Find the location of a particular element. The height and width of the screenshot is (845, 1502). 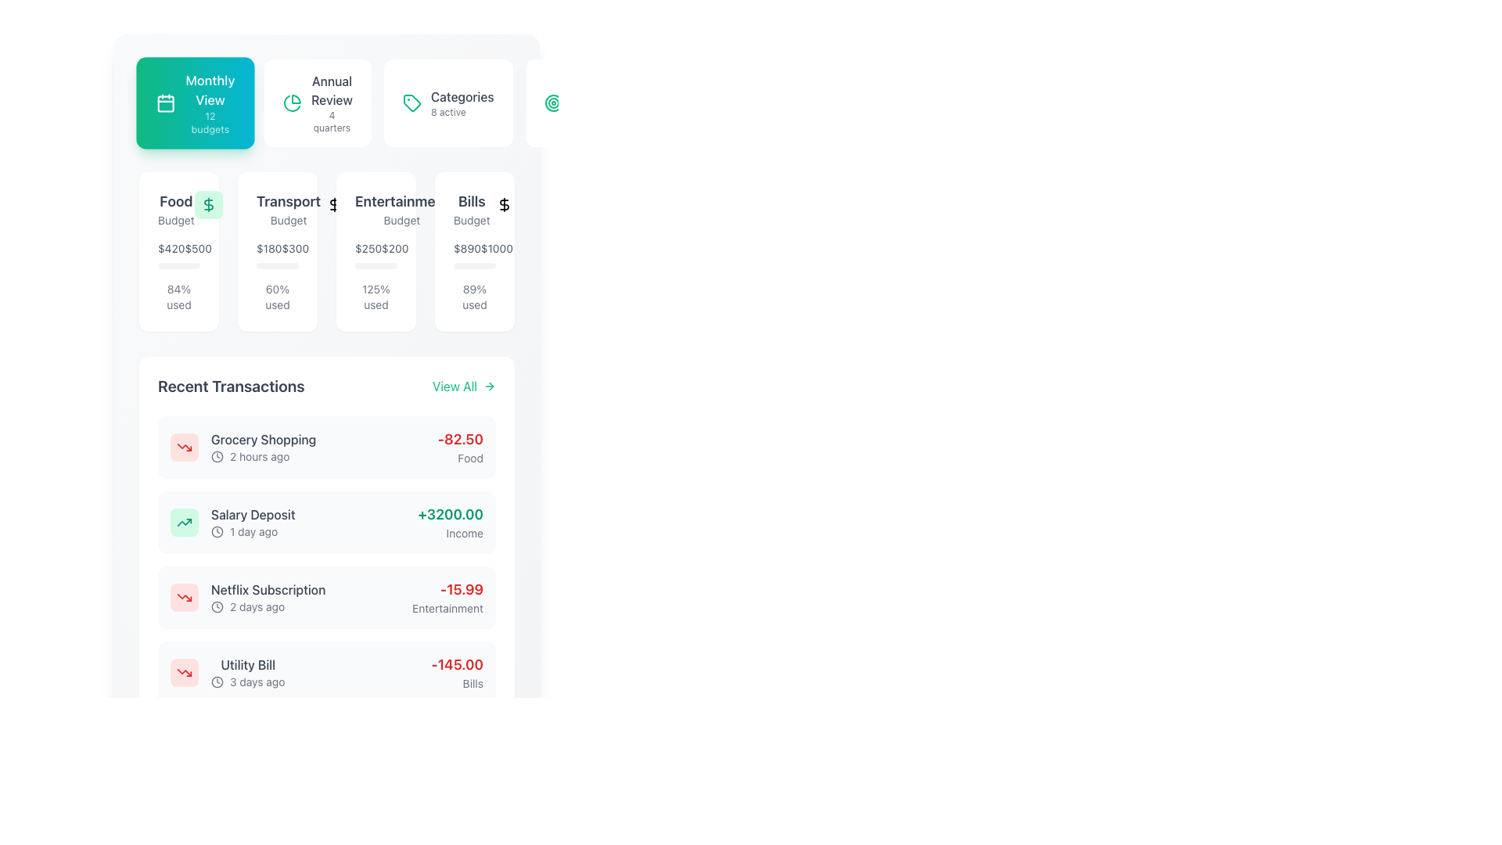

text content of the 'Netflix Subscription' label located in the third position of the 'Recent Transactions' section is located at coordinates (268, 589).